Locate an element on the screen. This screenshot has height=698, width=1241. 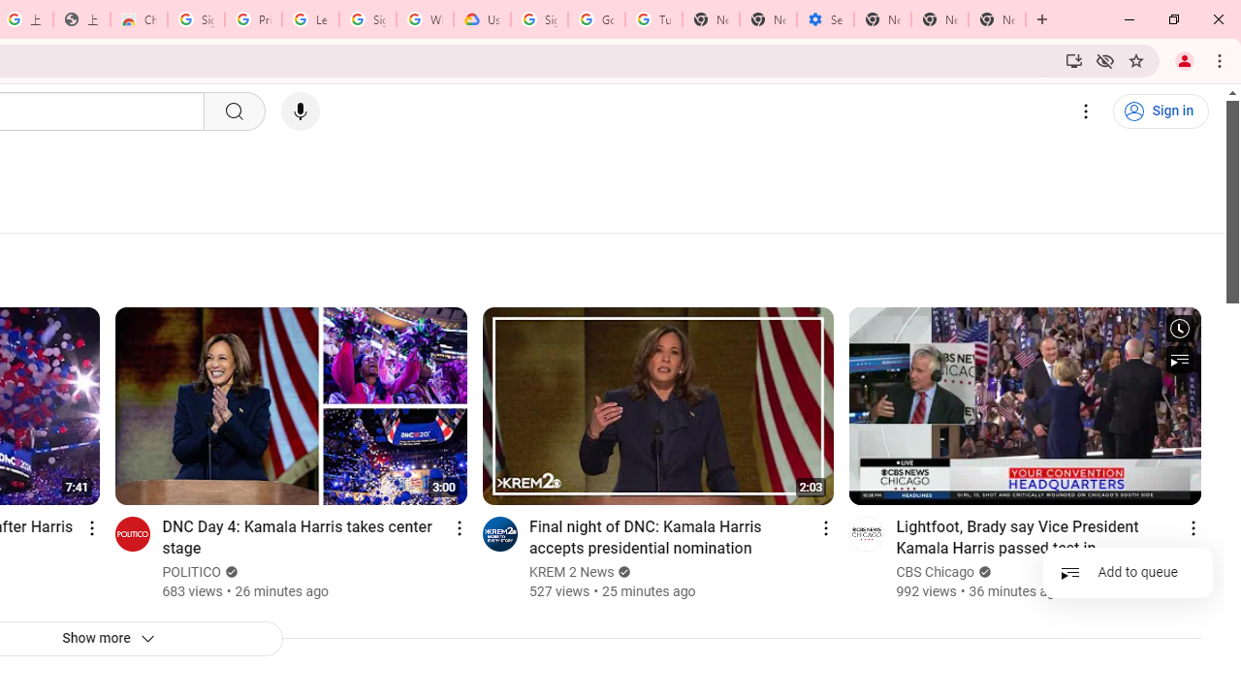
'Settings - Addresses and more' is located at coordinates (825, 19).